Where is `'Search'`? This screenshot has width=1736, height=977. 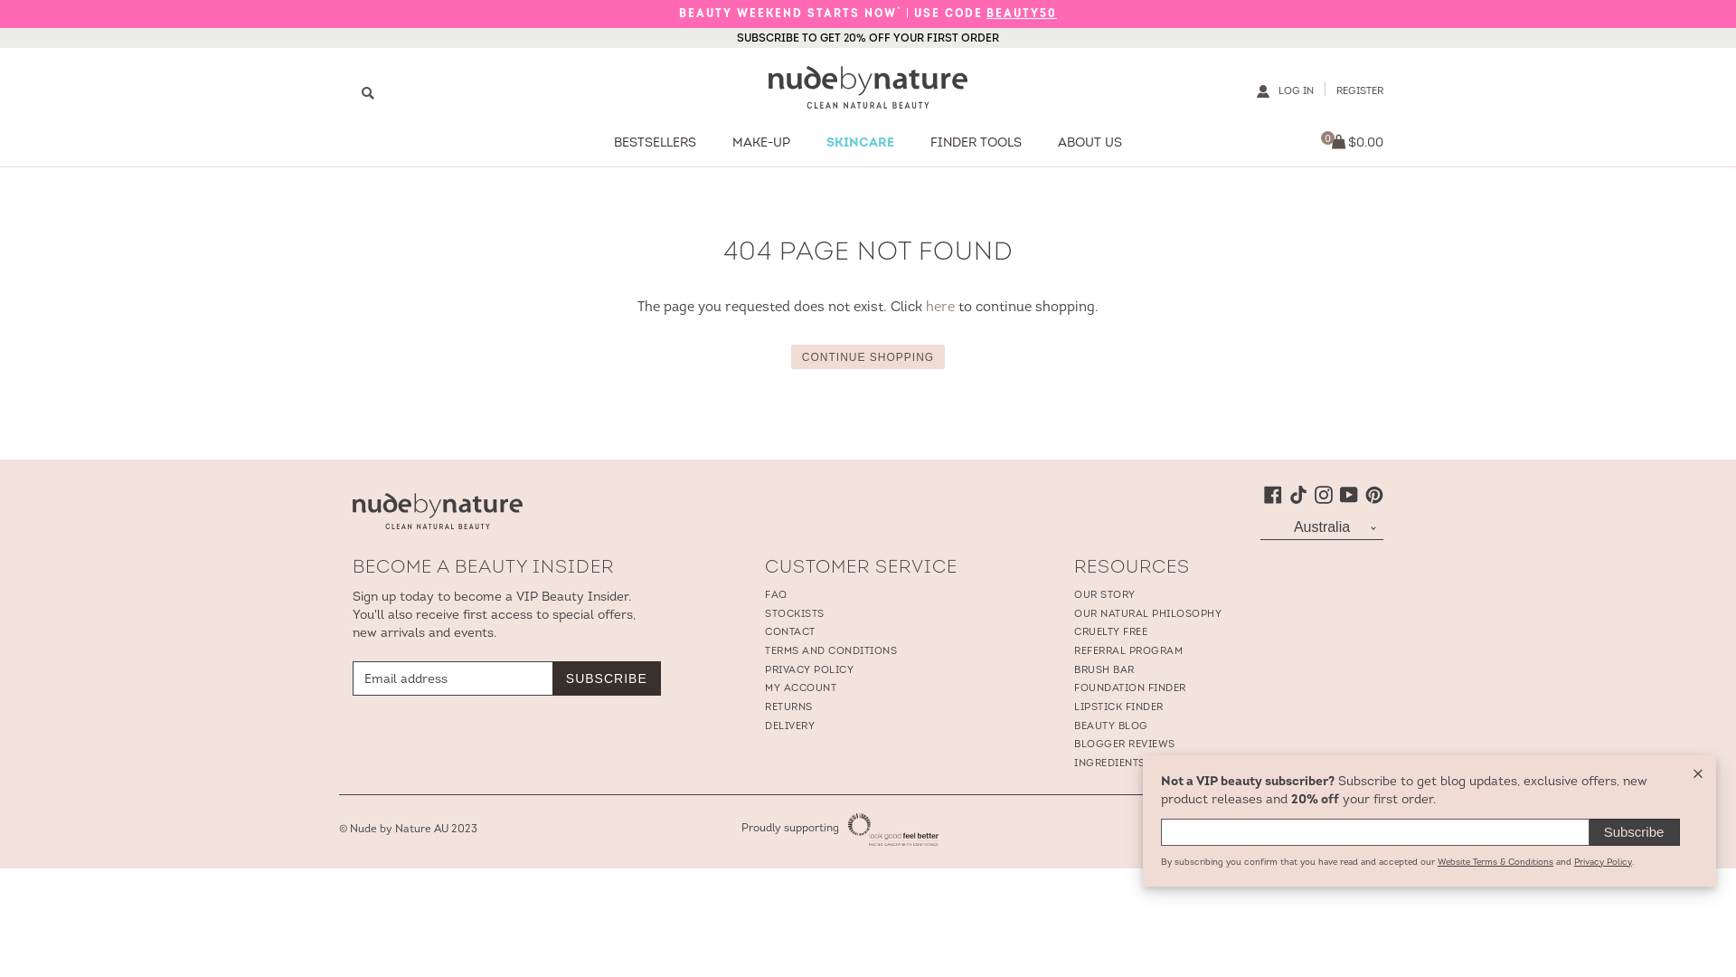
'Search' is located at coordinates (367, 91).